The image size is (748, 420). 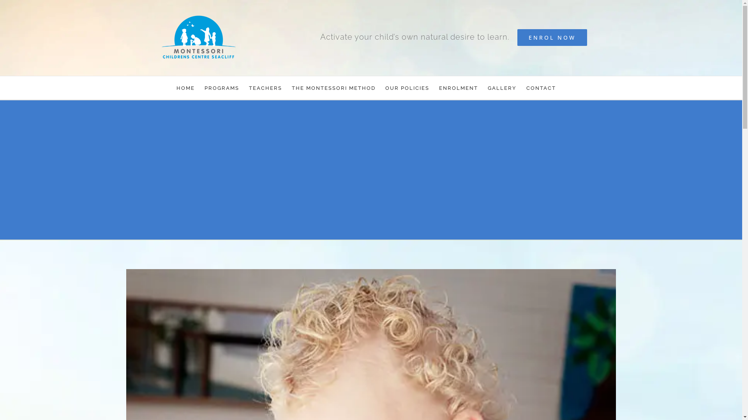 I want to click on 'GALLERY', so click(x=502, y=87).